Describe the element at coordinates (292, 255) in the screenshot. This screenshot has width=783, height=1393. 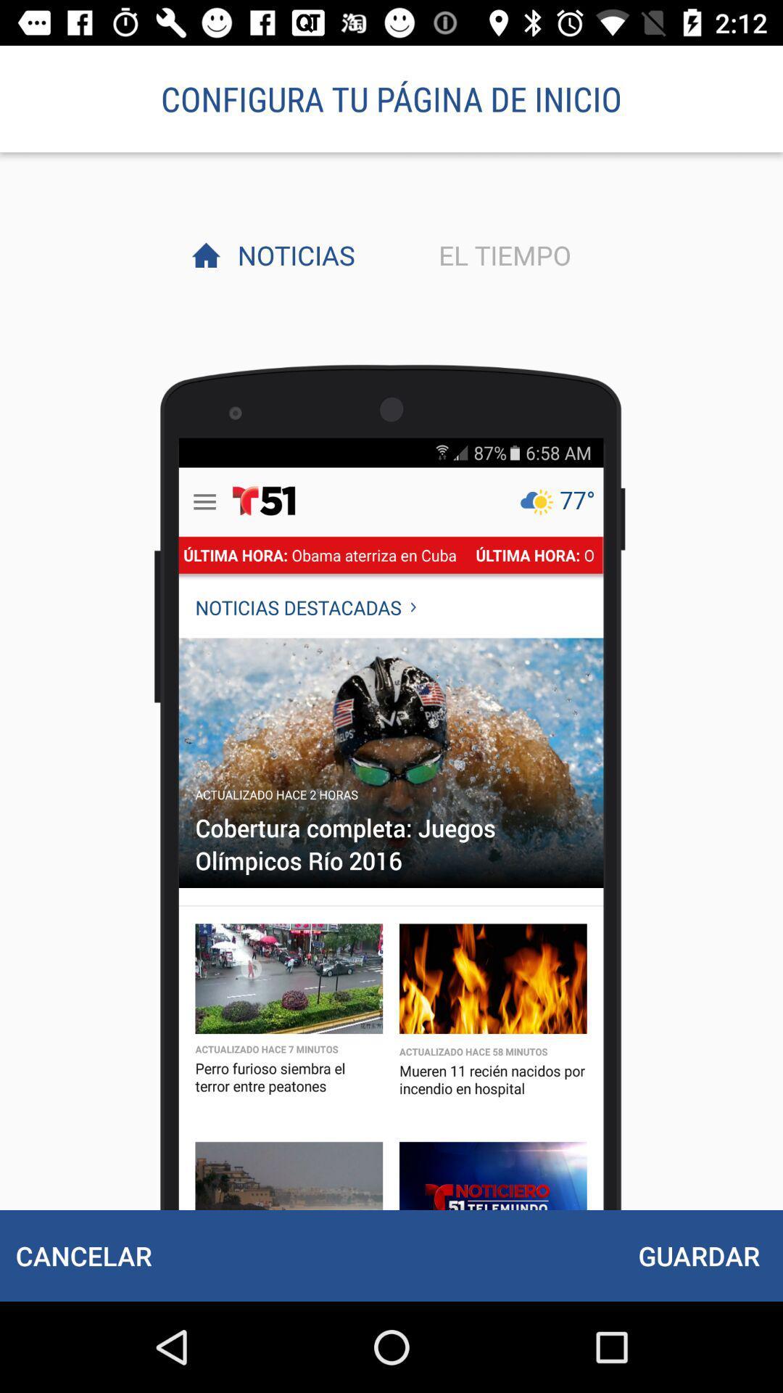
I see `item next to the el tiempo icon` at that location.